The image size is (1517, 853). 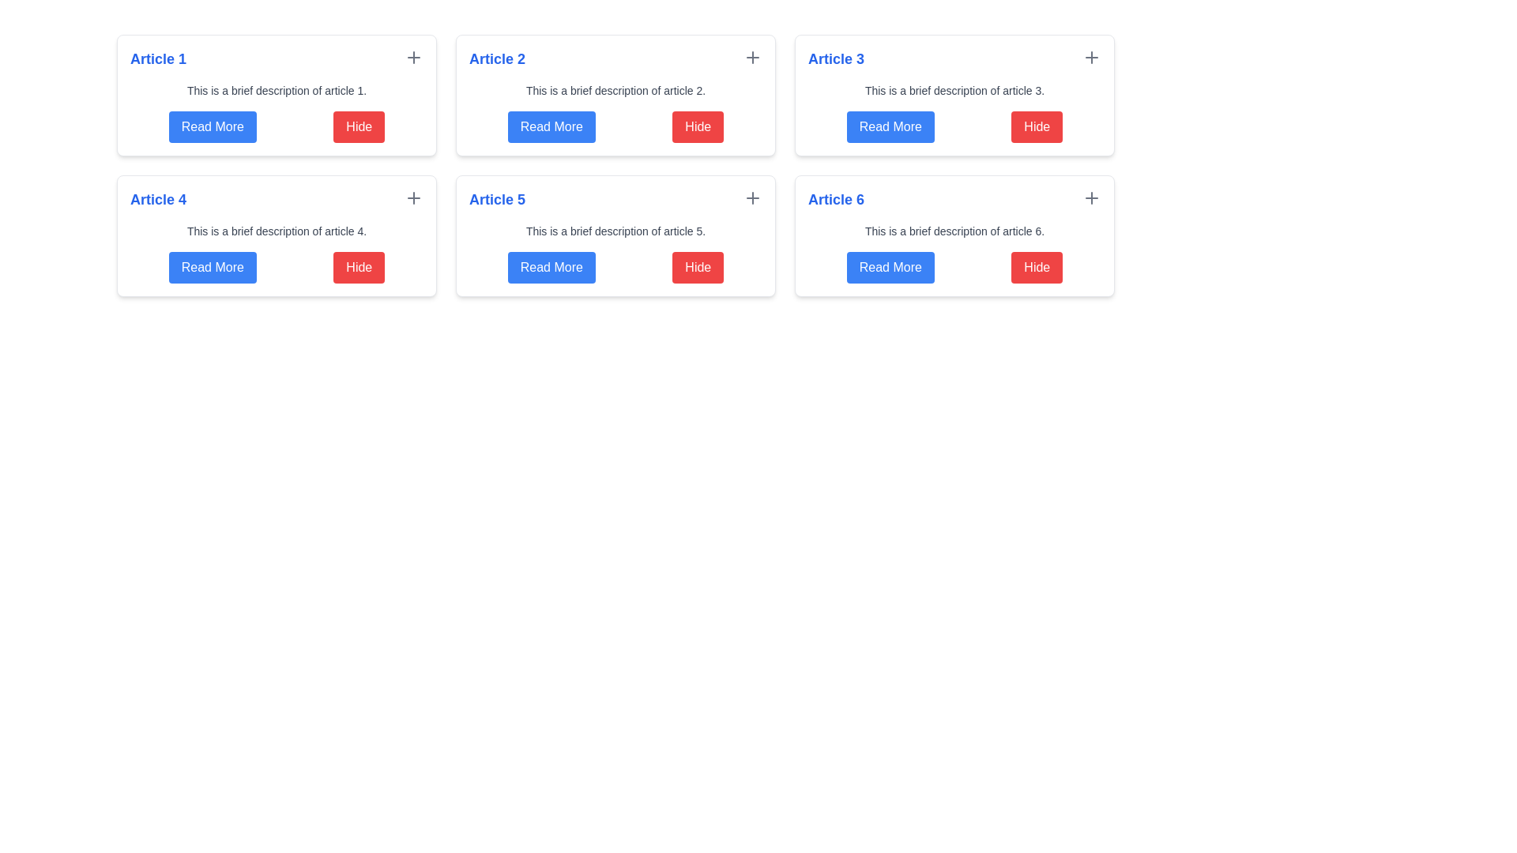 What do you see at coordinates (752, 197) in the screenshot?
I see `the plus sign icon located in the 'Article 5' section` at bounding box center [752, 197].